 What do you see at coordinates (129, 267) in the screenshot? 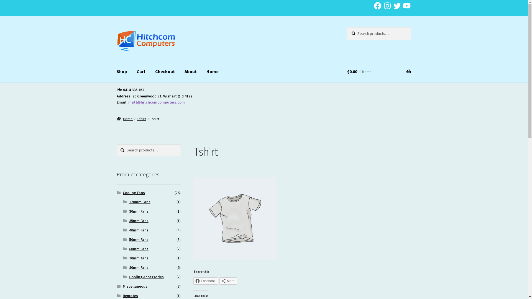
I see `'80mm Fans'` at bounding box center [129, 267].